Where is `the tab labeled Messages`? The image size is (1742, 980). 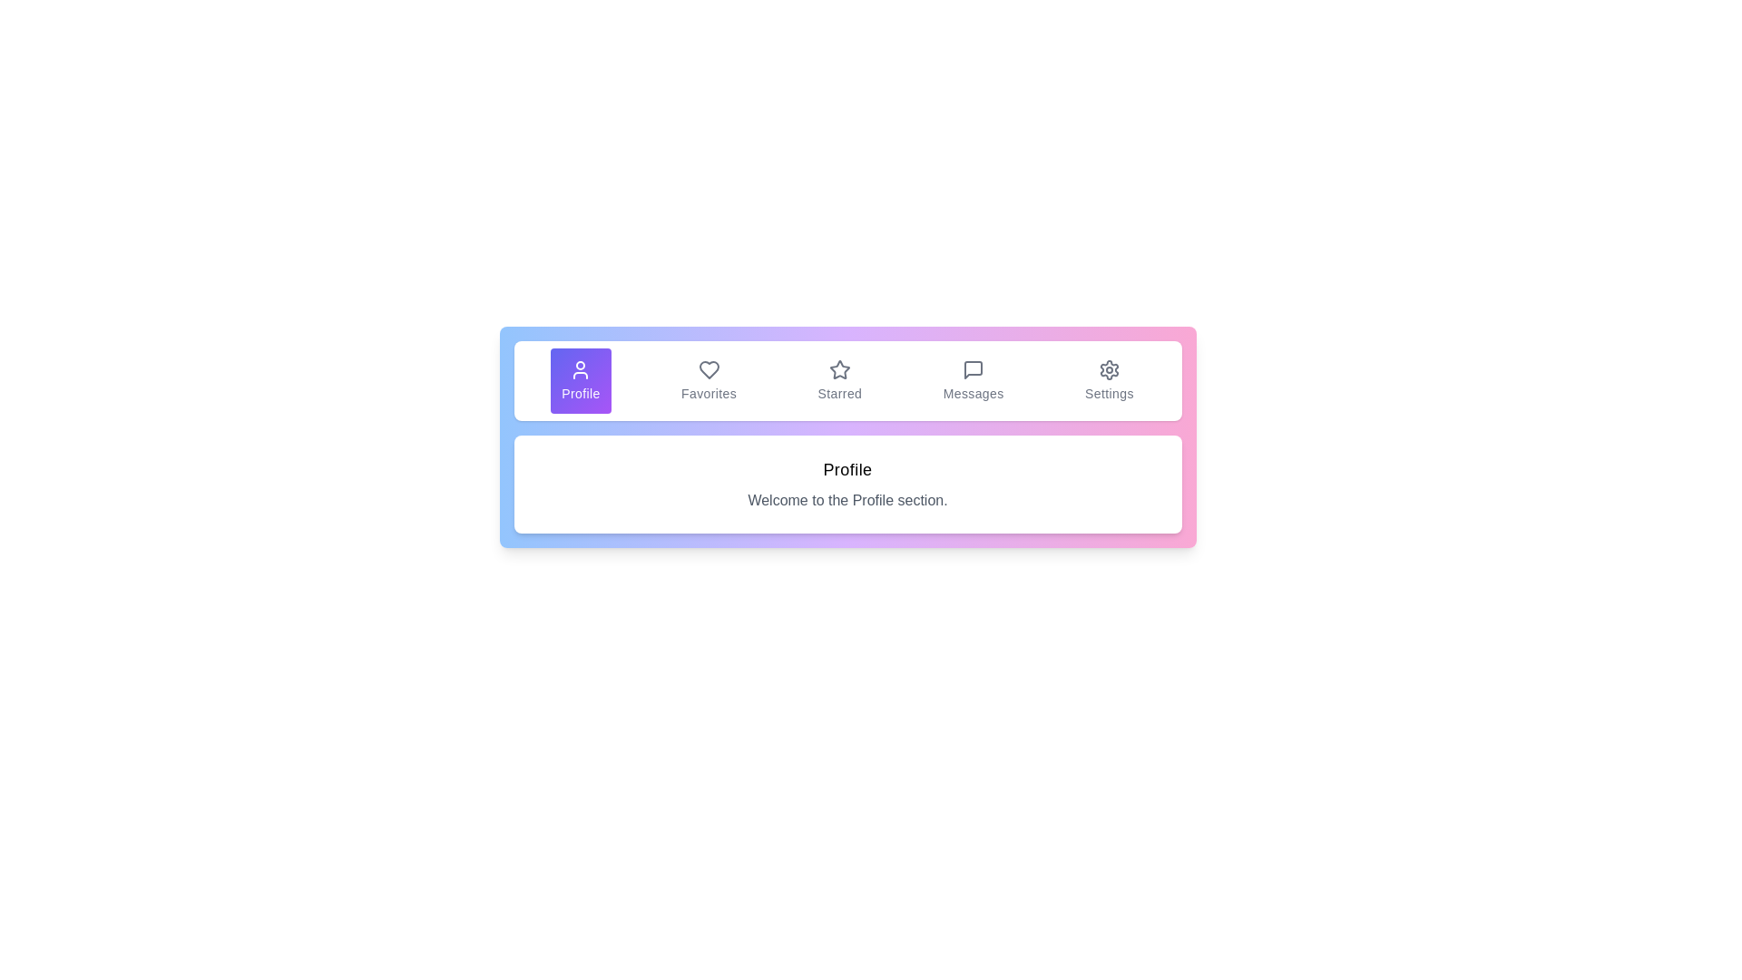
the tab labeled Messages is located at coordinates (973, 380).